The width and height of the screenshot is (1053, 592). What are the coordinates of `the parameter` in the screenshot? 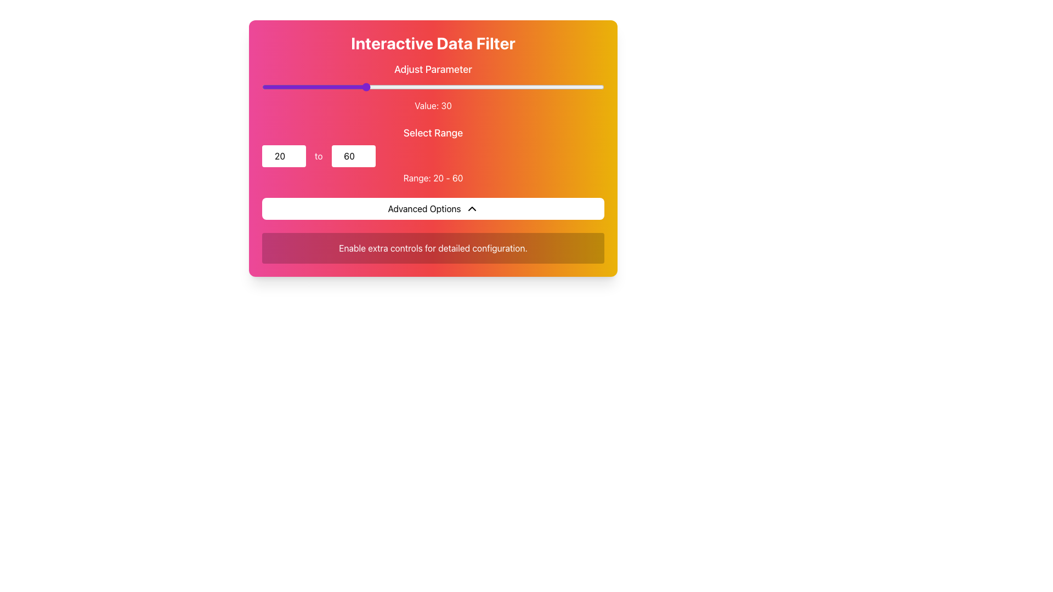 It's located at (529, 86).